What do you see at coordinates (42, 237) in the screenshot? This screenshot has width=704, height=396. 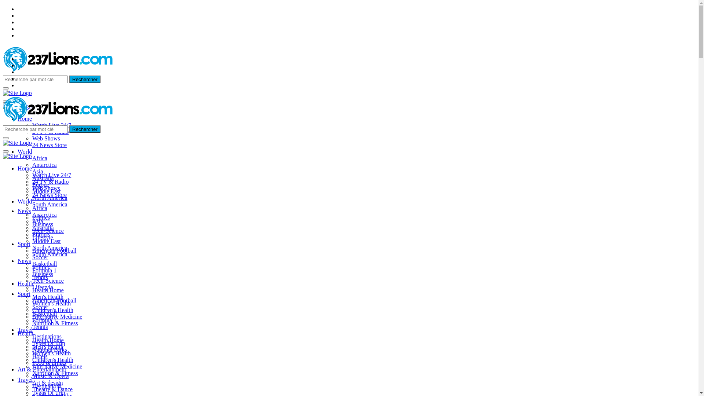 I see `'Lifestyle'` at bounding box center [42, 237].